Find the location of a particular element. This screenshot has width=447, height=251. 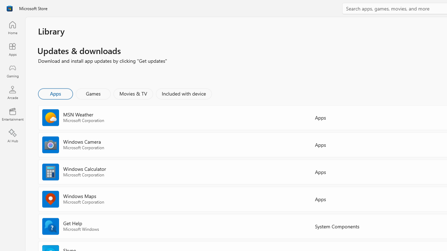

'Entertainment' is located at coordinates (12, 114).